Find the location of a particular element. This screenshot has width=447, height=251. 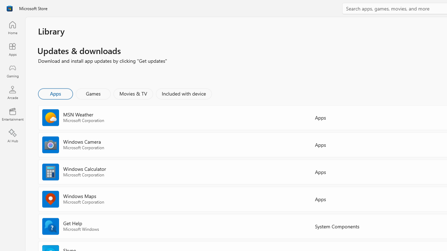

'Entertainment' is located at coordinates (12, 114).